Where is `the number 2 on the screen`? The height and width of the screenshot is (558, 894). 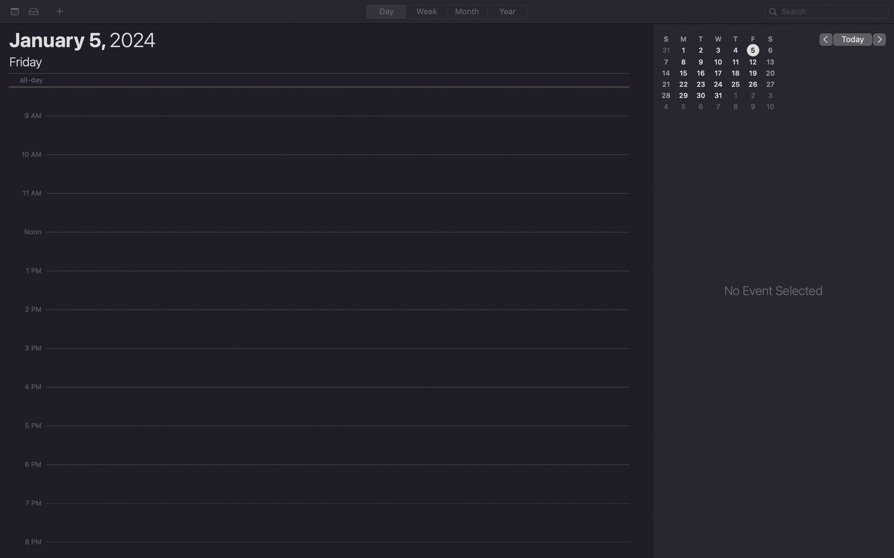 the number 2 on the screen is located at coordinates (701, 50).